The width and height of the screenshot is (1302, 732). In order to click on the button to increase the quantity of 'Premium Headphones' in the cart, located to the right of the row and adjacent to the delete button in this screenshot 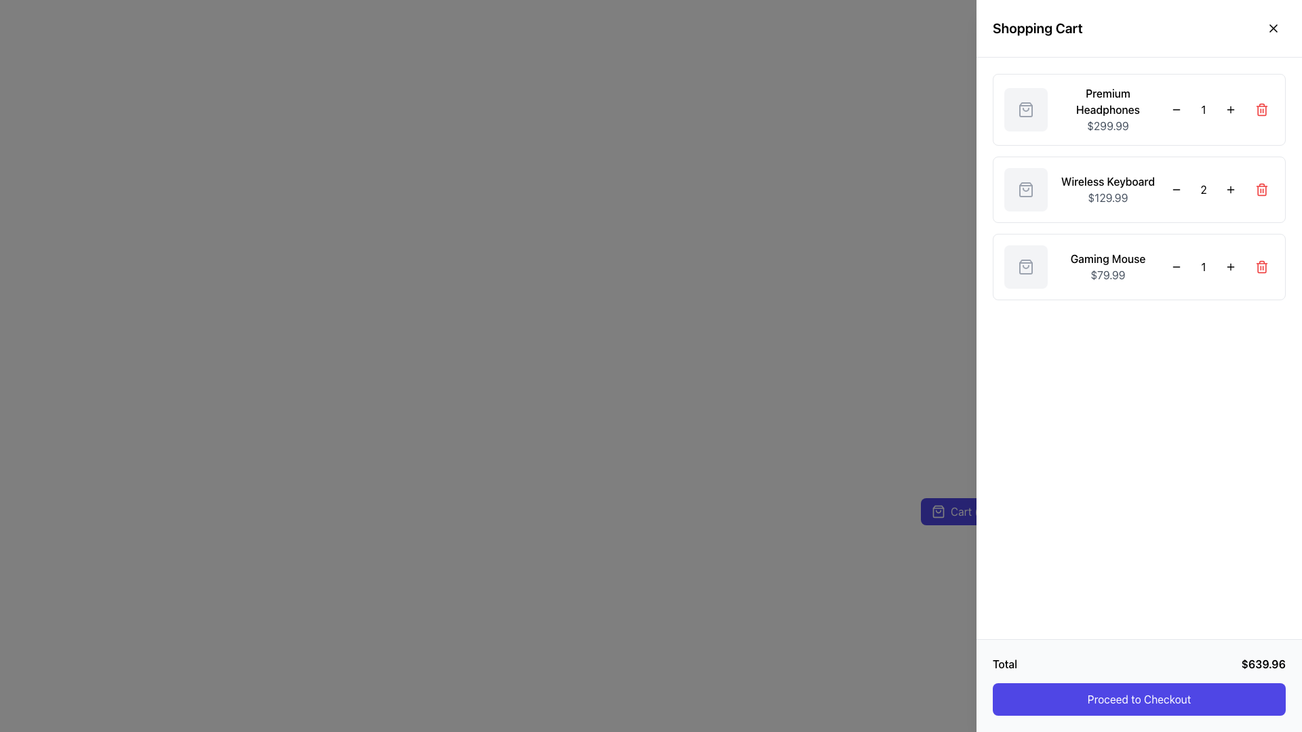, I will do `click(1230, 109)`.